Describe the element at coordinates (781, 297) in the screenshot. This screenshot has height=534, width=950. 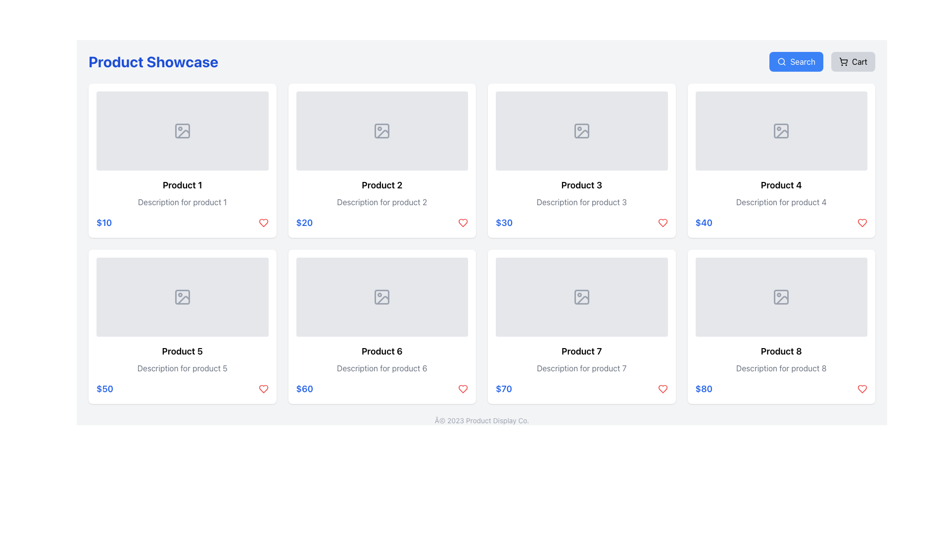
I see `the decorative graphical SVG component that indicates the absence of a product image, located in the top-center region of the eighth product card in the grid layout` at that location.